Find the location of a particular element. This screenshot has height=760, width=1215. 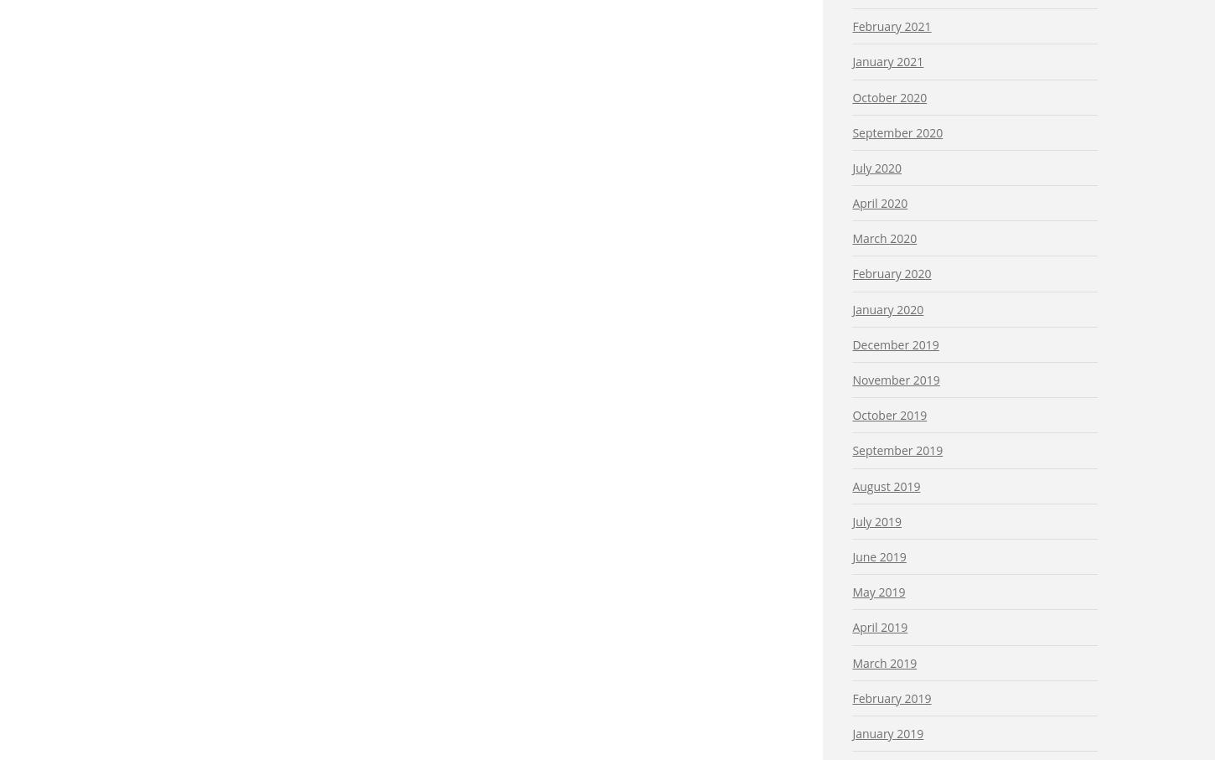

'August 2019' is located at coordinates (886, 484).